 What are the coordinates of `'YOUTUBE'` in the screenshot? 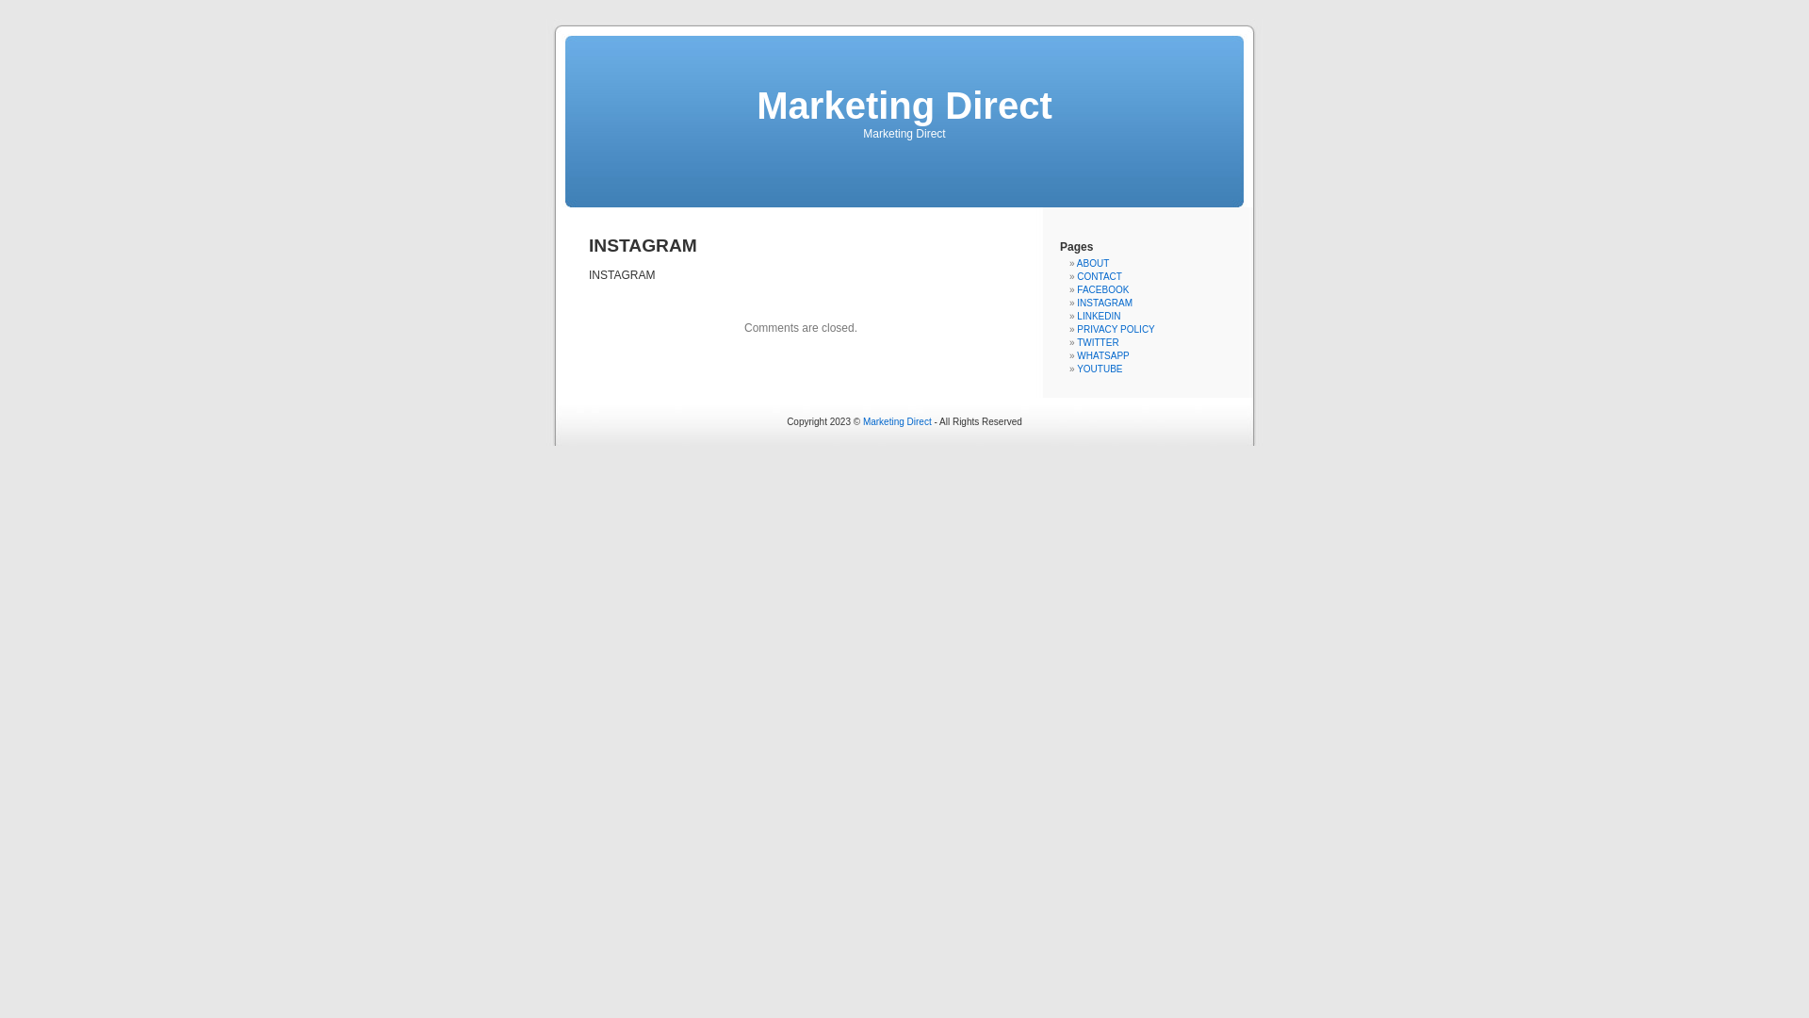 It's located at (1099, 369).